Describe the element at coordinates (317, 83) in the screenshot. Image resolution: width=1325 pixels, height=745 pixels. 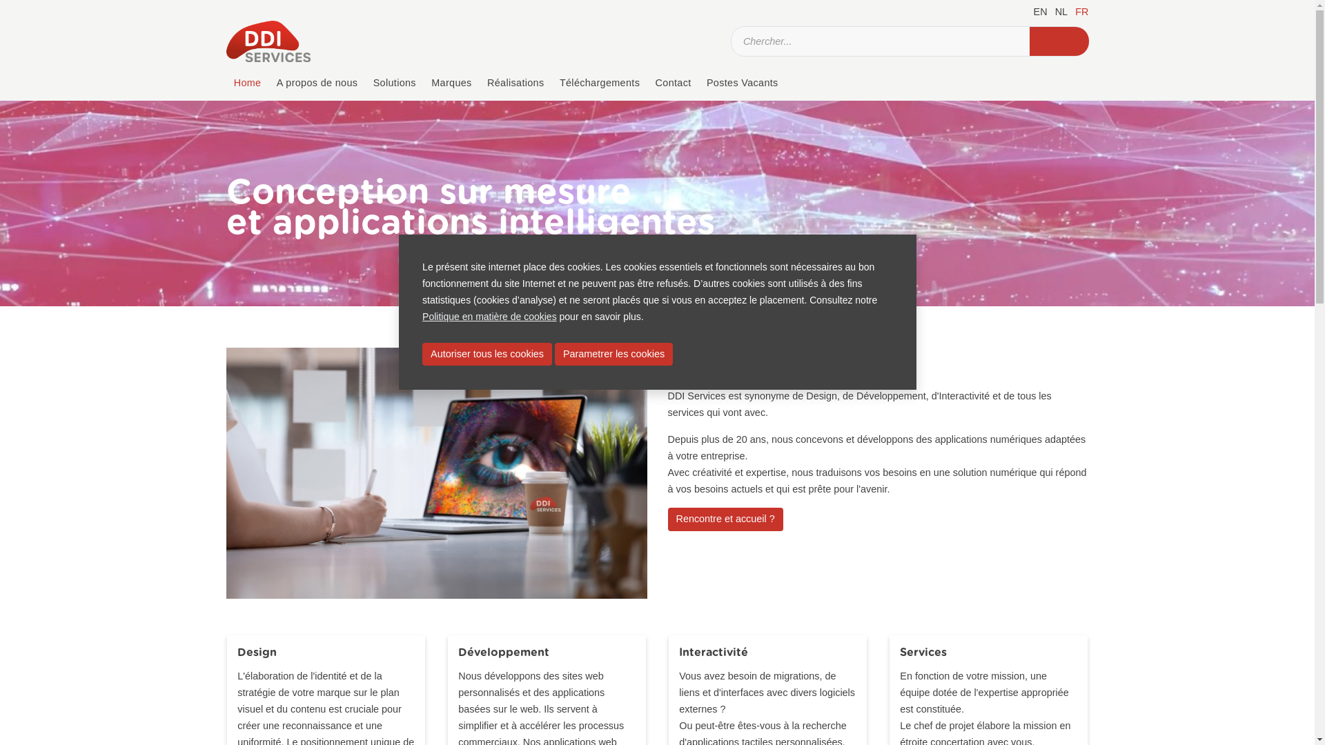
I see `'A propos de nous'` at that location.